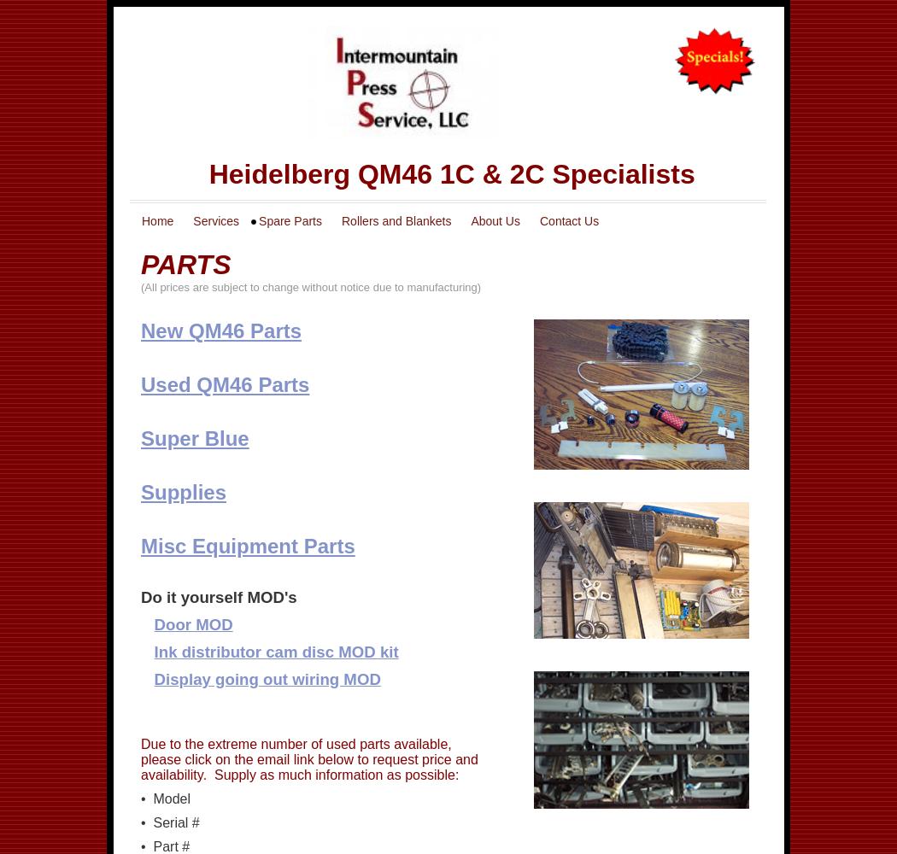  What do you see at coordinates (608, 173) in the screenshot?
I see `'C Specialists'` at bounding box center [608, 173].